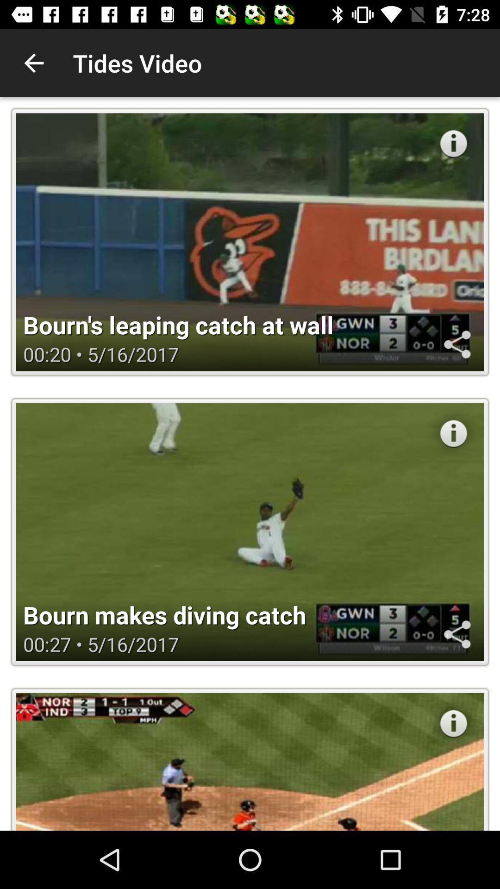  I want to click on display video information, so click(453, 433).